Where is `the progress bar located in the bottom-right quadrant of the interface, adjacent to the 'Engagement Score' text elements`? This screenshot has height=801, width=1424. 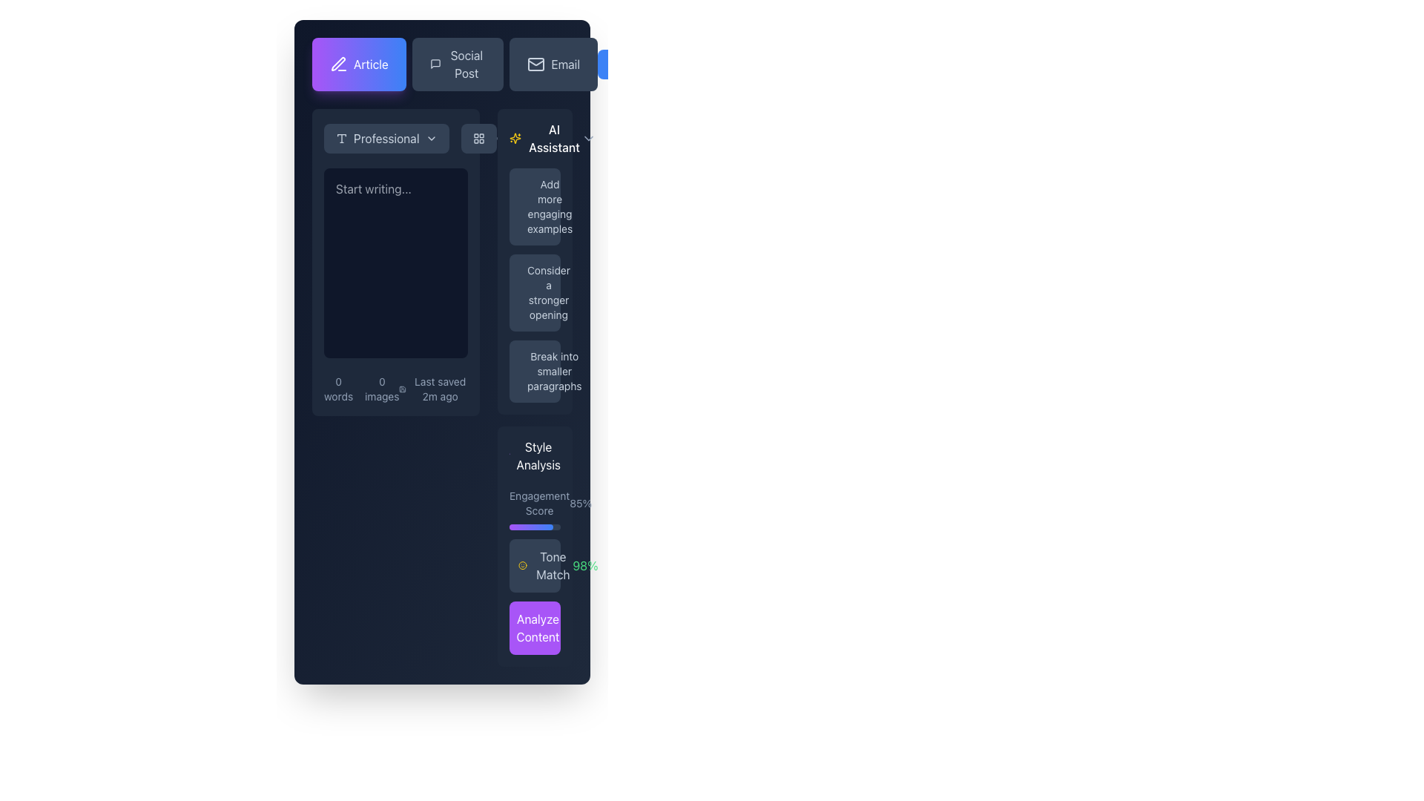 the progress bar located in the bottom-right quadrant of the interface, adjacent to the 'Engagement Score' text elements is located at coordinates (531, 526).